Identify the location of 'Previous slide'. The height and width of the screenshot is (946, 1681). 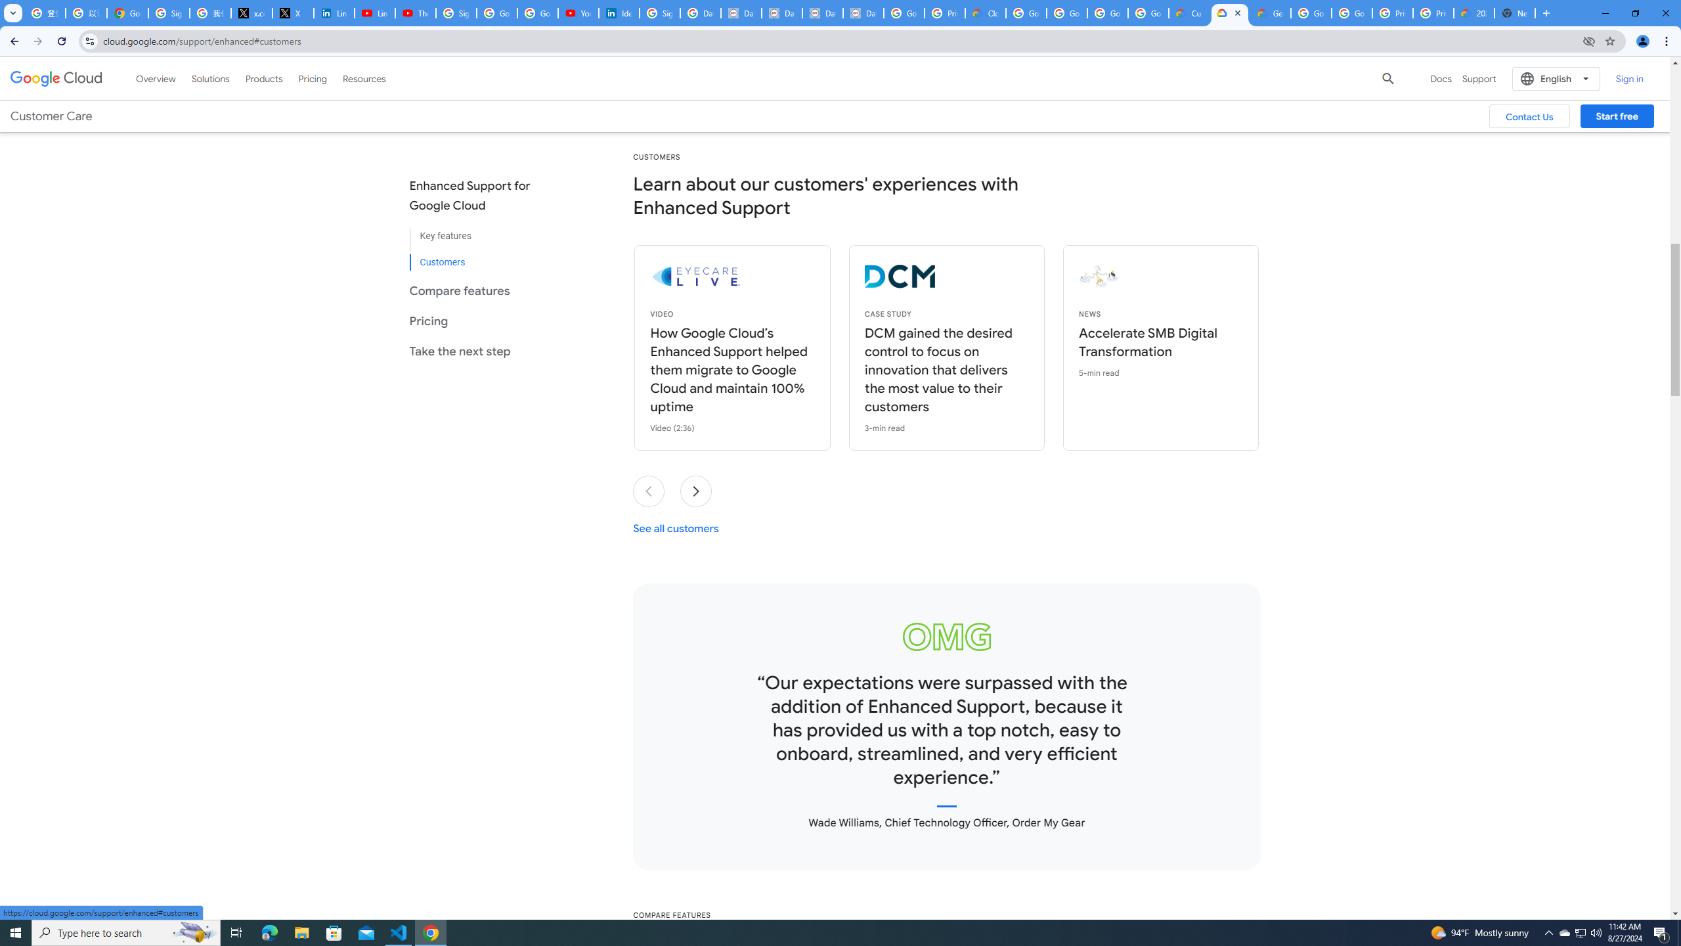
(649, 491).